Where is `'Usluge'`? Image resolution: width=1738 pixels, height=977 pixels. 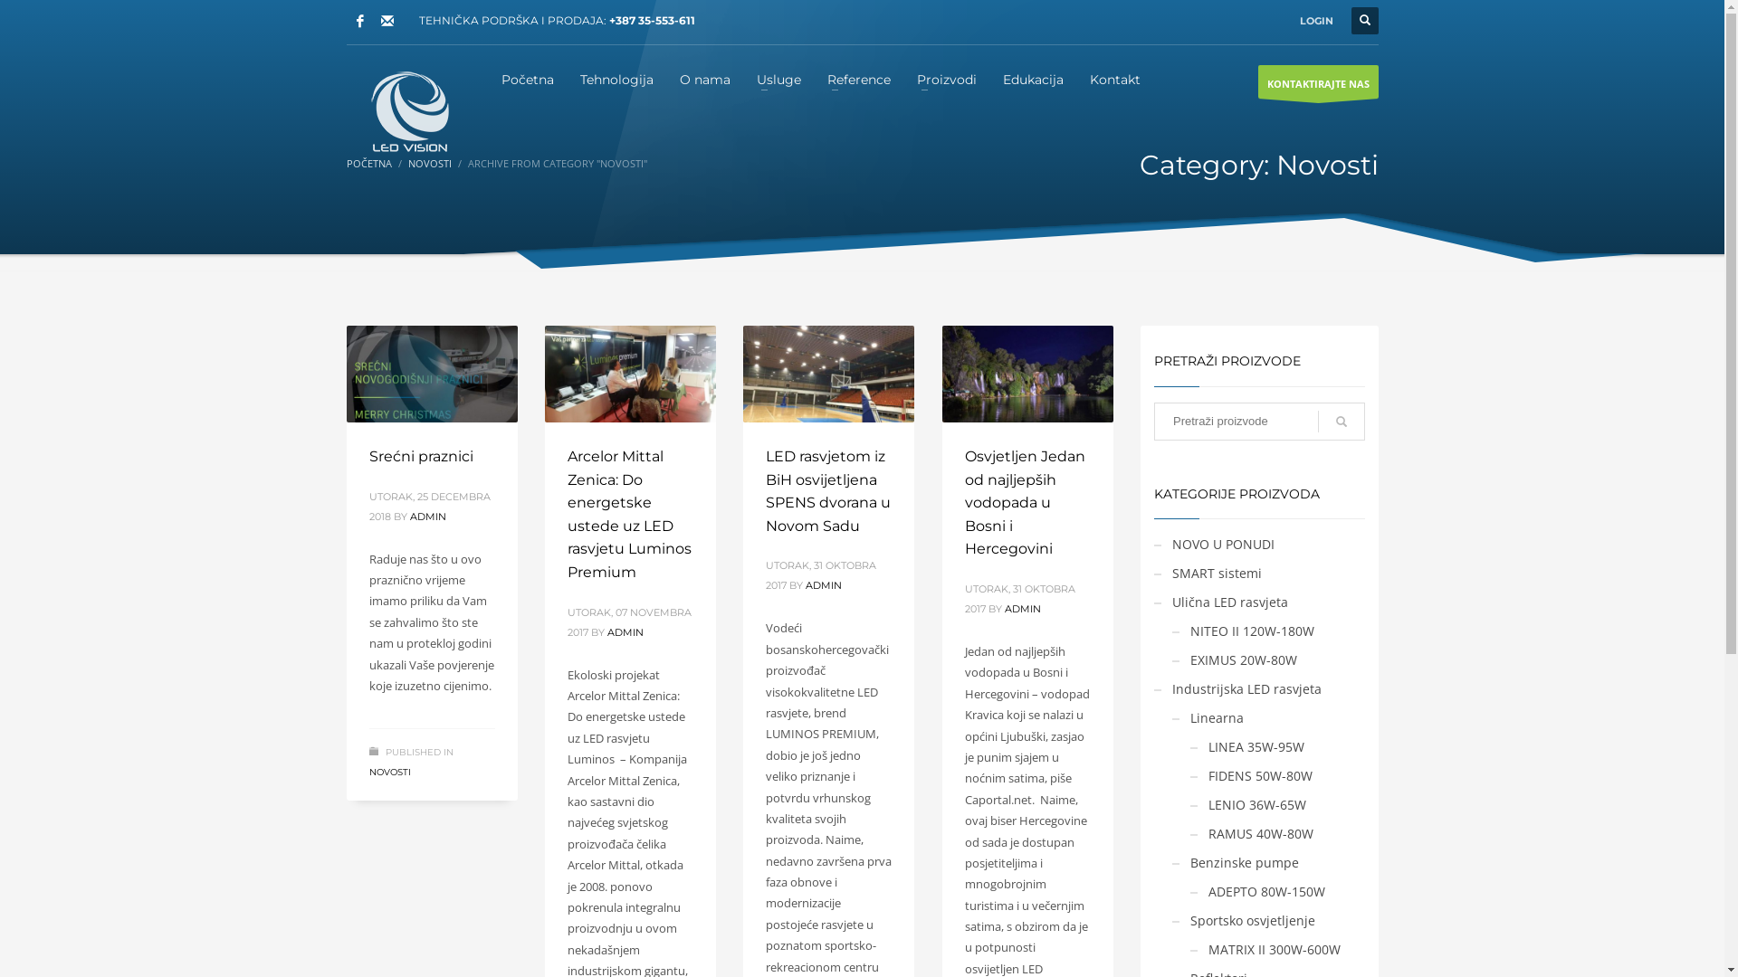 'Usluge' is located at coordinates (778, 78).